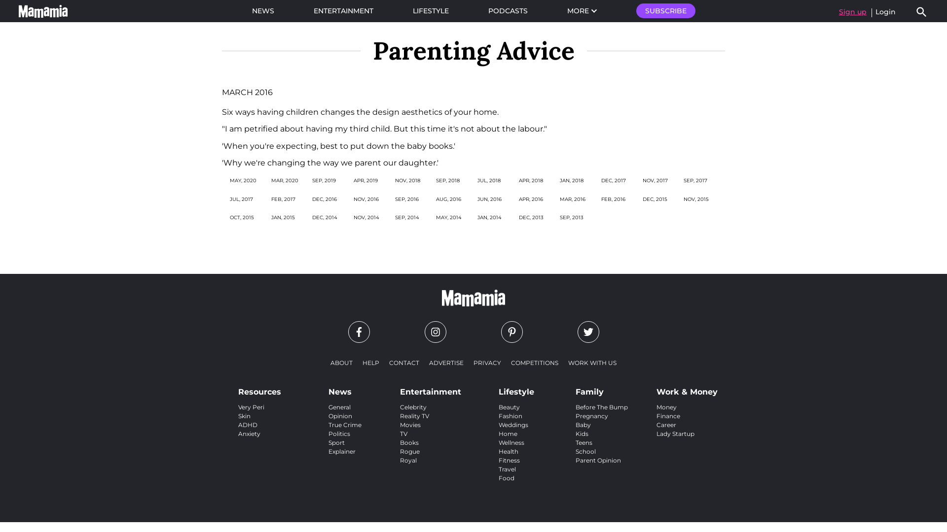 The width and height of the screenshot is (947, 532). I want to click on 'Teens', so click(584, 442).